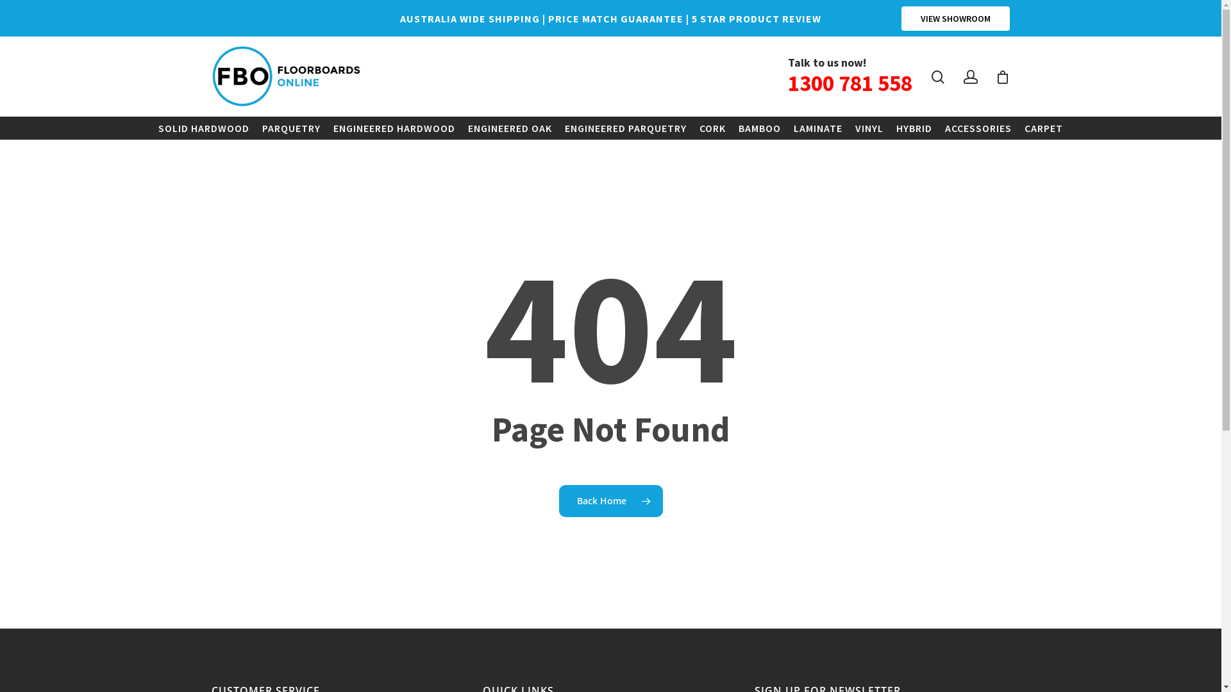 This screenshot has height=692, width=1231. I want to click on 'VINYL', so click(869, 128).